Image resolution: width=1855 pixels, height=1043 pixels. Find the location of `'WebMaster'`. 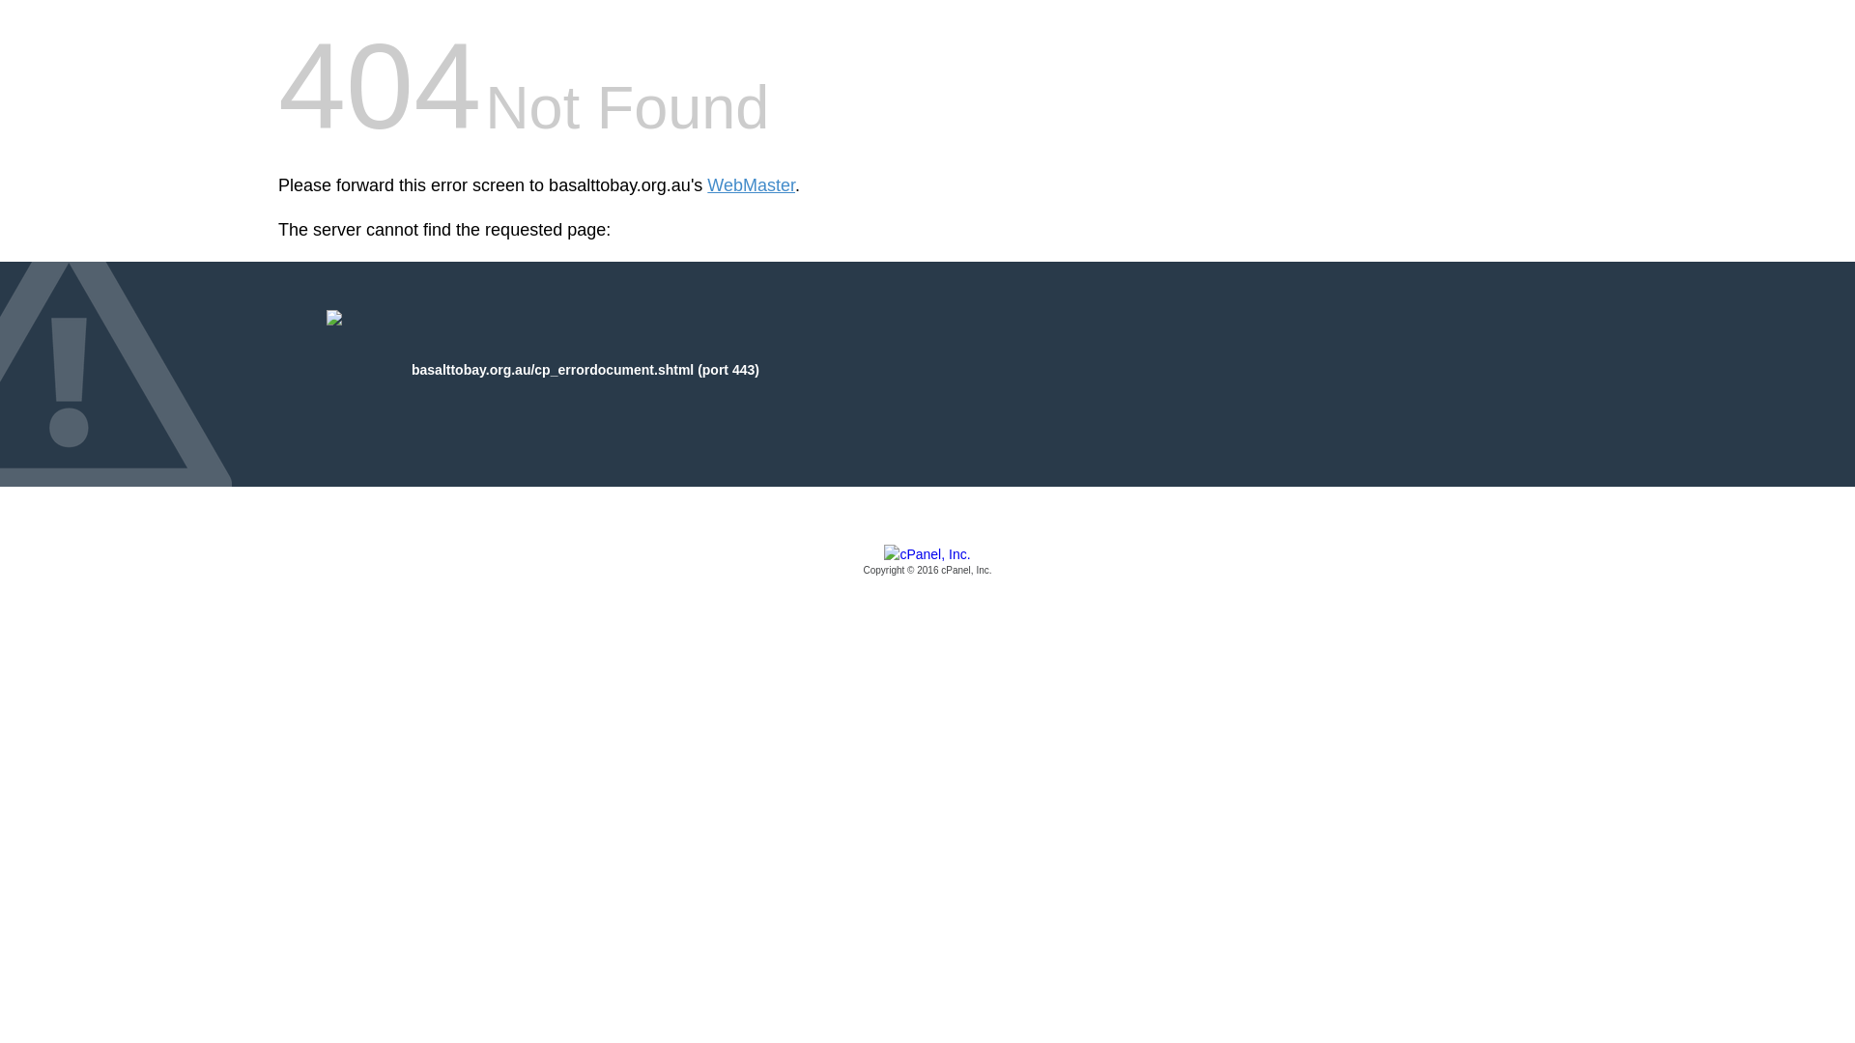

'WebMaster' is located at coordinates (705, 185).